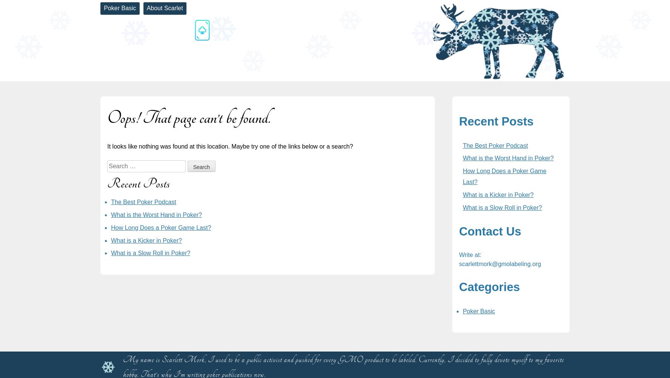 The width and height of the screenshot is (670, 378). Describe the element at coordinates (188, 118) in the screenshot. I see `'Oops! That page can’t be found.'` at that location.